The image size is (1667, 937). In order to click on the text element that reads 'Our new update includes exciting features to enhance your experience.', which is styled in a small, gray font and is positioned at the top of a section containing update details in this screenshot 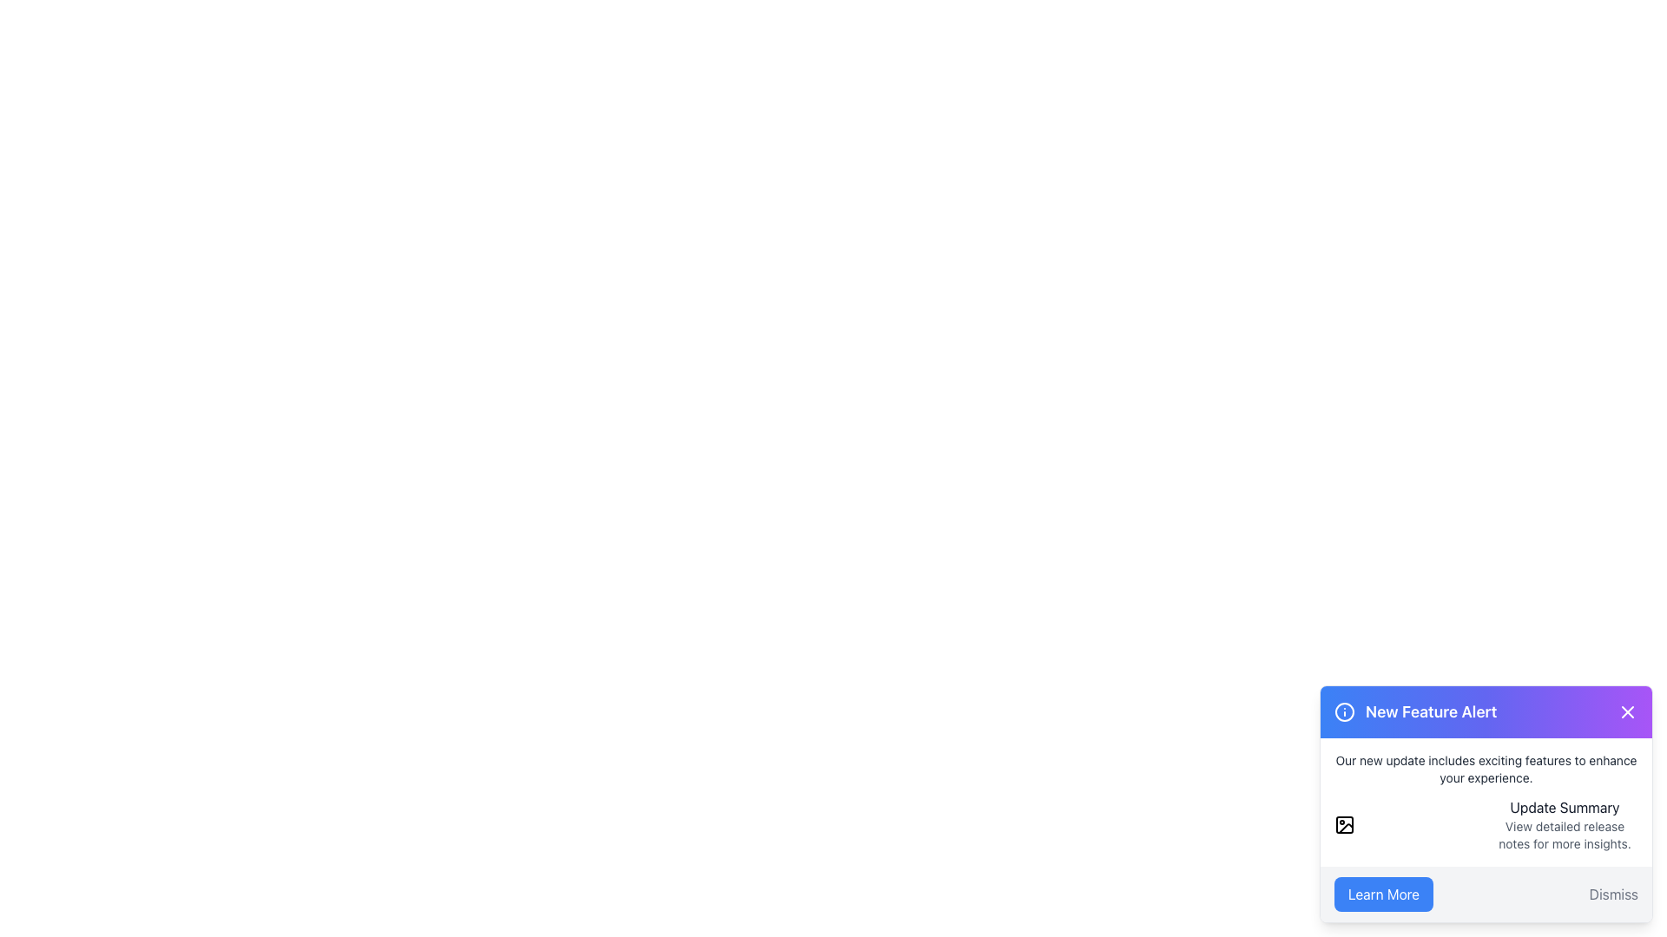, I will do `click(1486, 769)`.